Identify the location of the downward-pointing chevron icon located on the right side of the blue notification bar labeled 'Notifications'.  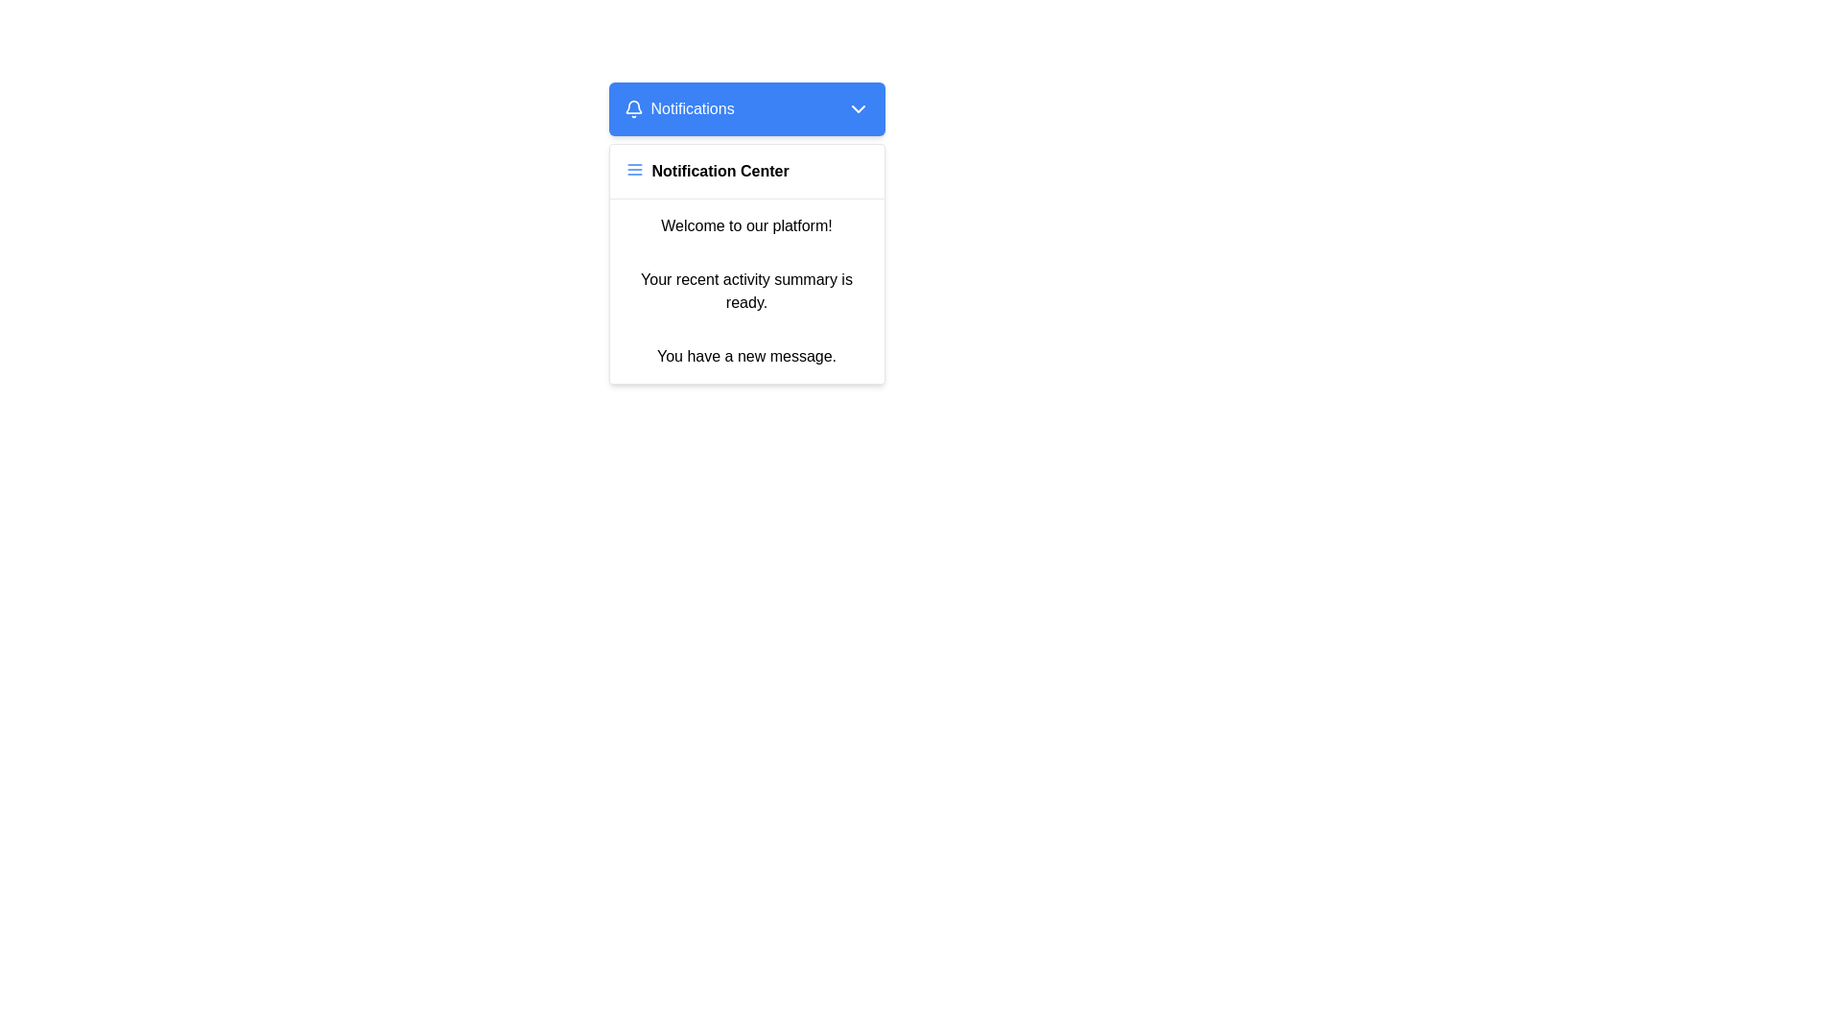
(857, 109).